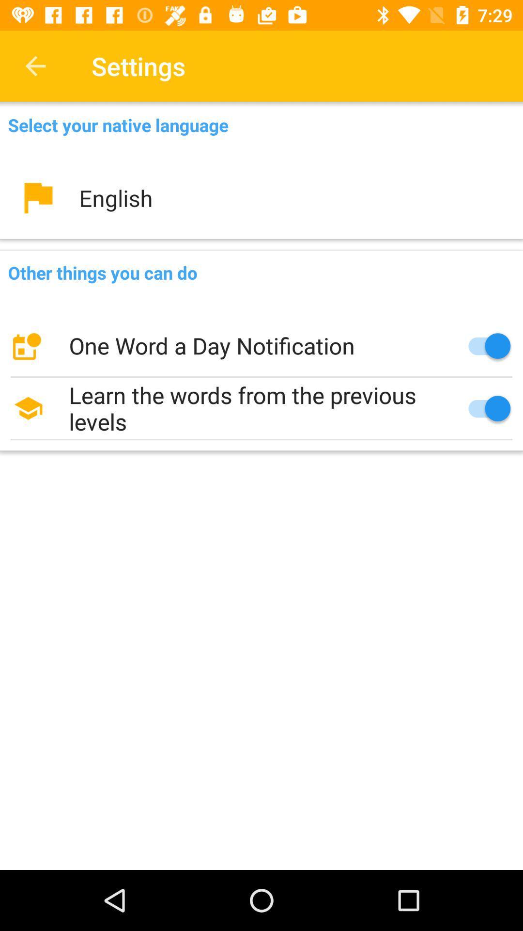 Image resolution: width=523 pixels, height=931 pixels. Describe the element at coordinates (261, 408) in the screenshot. I see `learn the words icon` at that location.